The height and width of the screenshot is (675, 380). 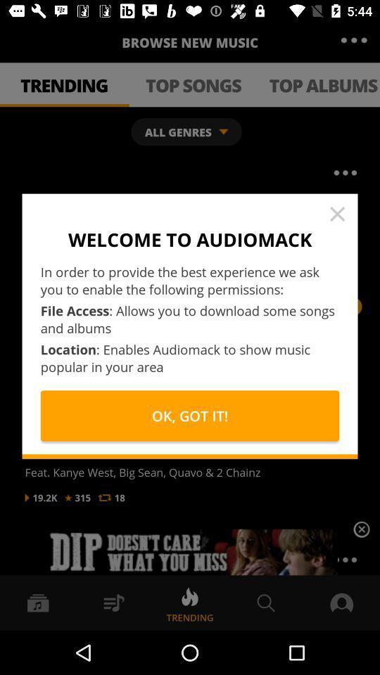 What do you see at coordinates (361, 532) in the screenshot?
I see `the close icon` at bounding box center [361, 532].